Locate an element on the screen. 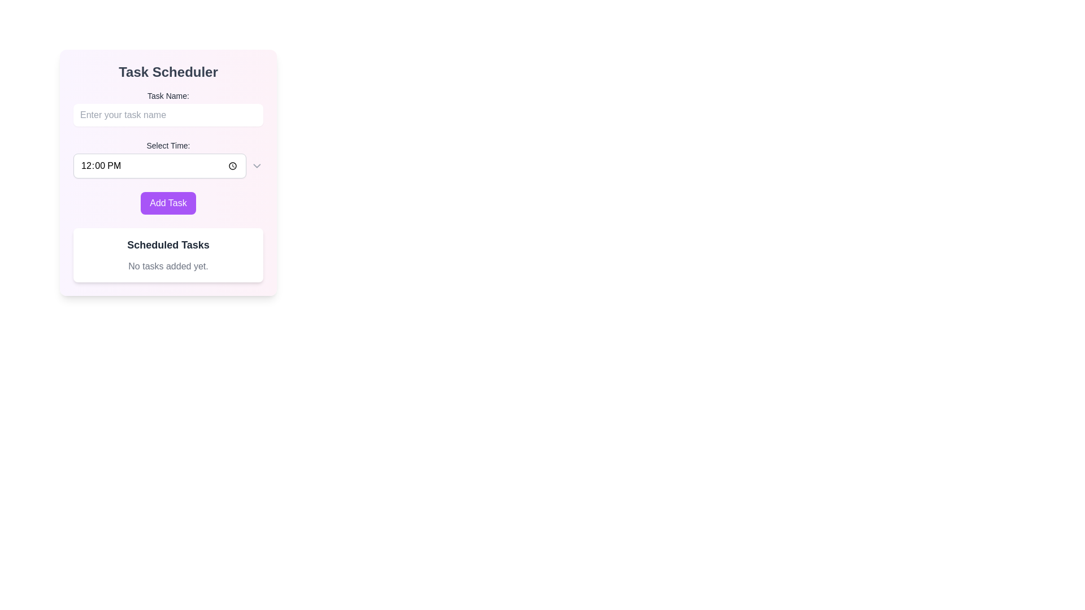 Image resolution: width=1085 pixels, height=610 pixels. a time from the dropdown arrow in the Time Picker Input Field located in the Task Scheduler card layout is located at coordinates (167, 159).